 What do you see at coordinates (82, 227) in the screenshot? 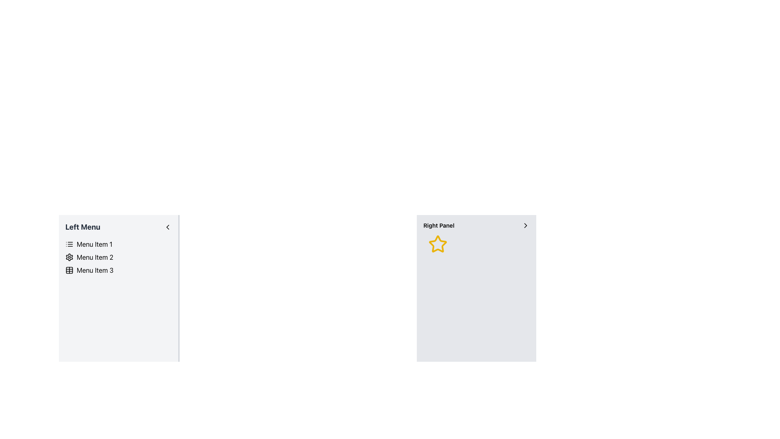
I see `the bold textual label 'Left Menu' which is positioned in the upper left area of the menu panel` at bounding box center [82, 227].